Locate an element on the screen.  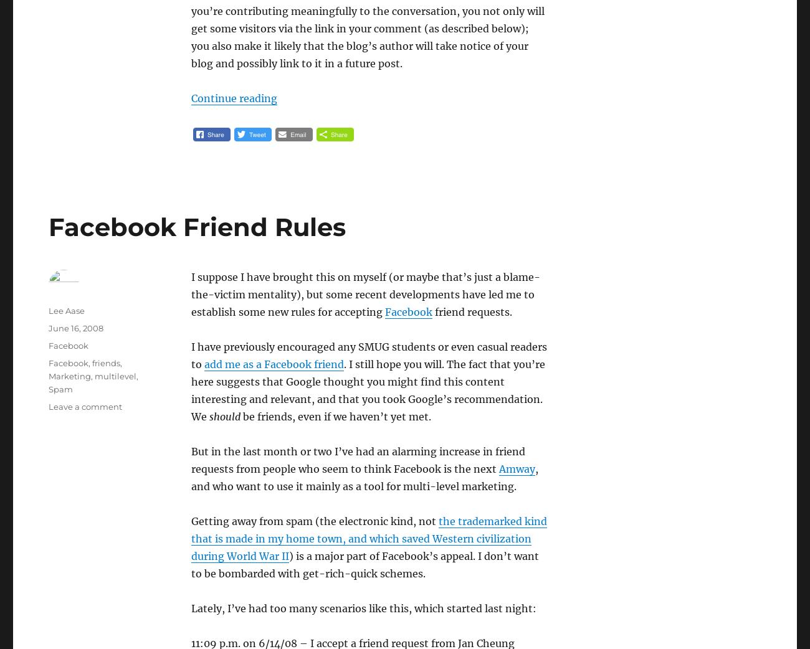
'friends' is located at coordinates (106, 362).